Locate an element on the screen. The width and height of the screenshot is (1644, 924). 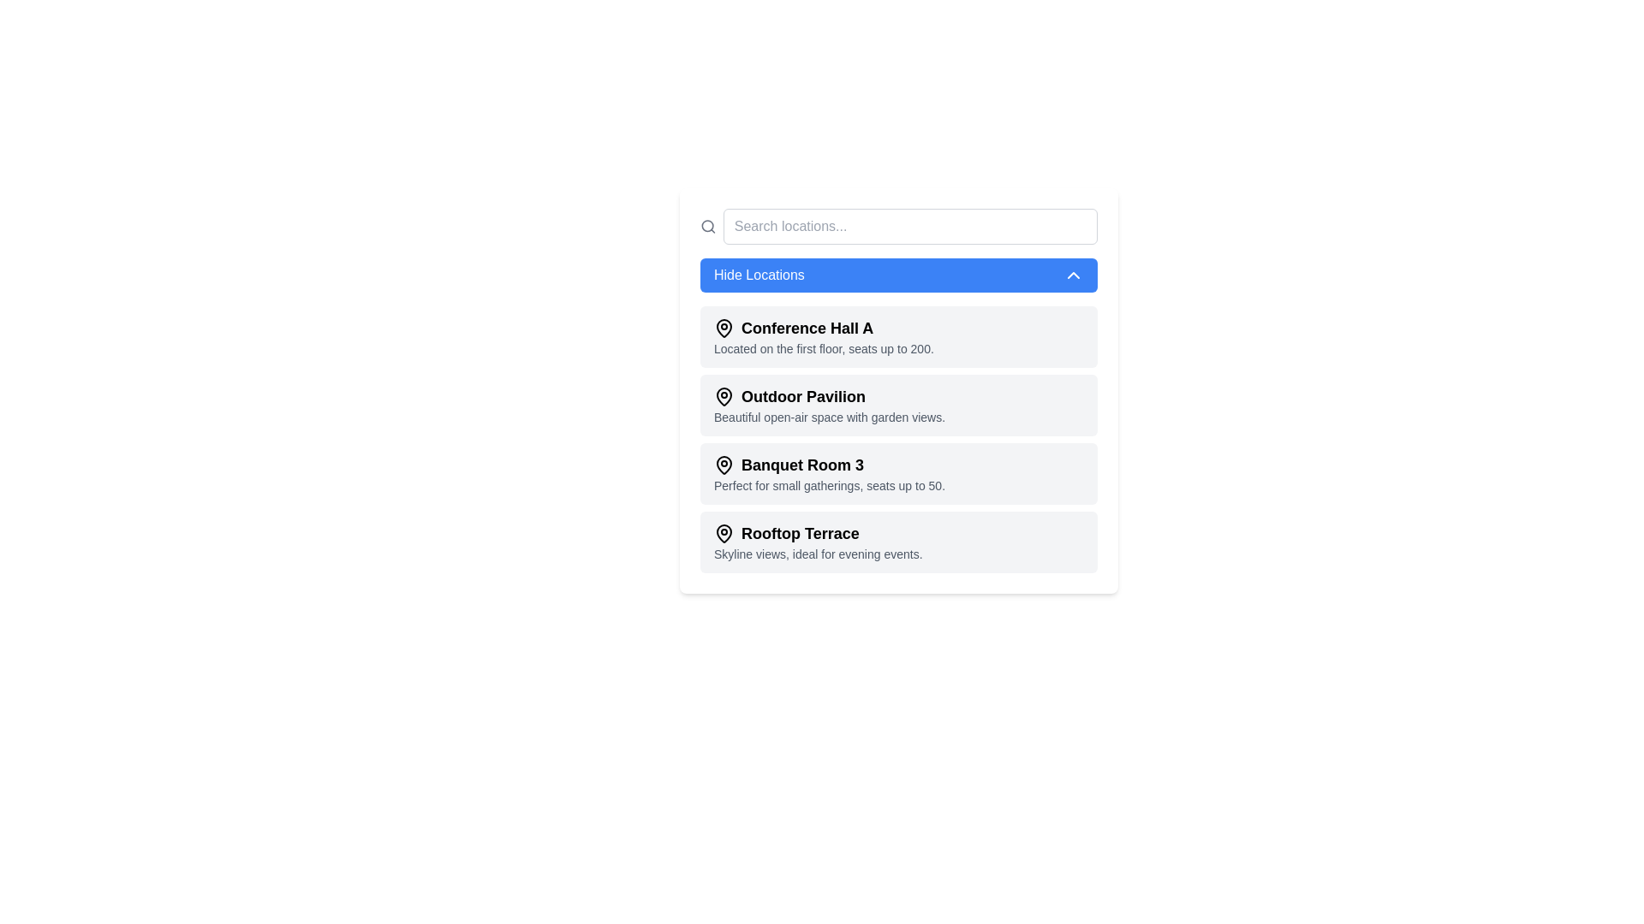
the 'Conference Hall A' text display element located at the top of the list of location options is located at coordinates (824, 329).